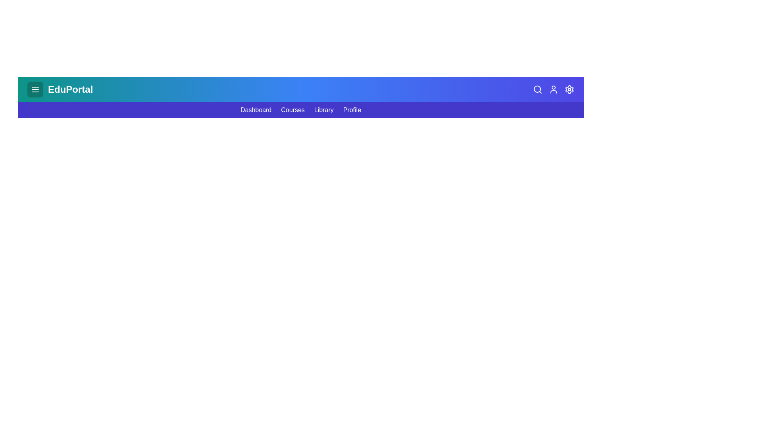  I want to click on the search icon to initiate a search action, so click(537, 89).